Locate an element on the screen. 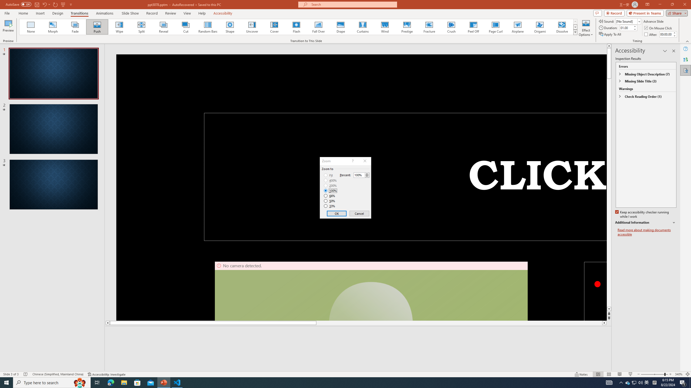 This screenshot has width=691, height=388. 'Percent' is located at coordinates (362, 175).